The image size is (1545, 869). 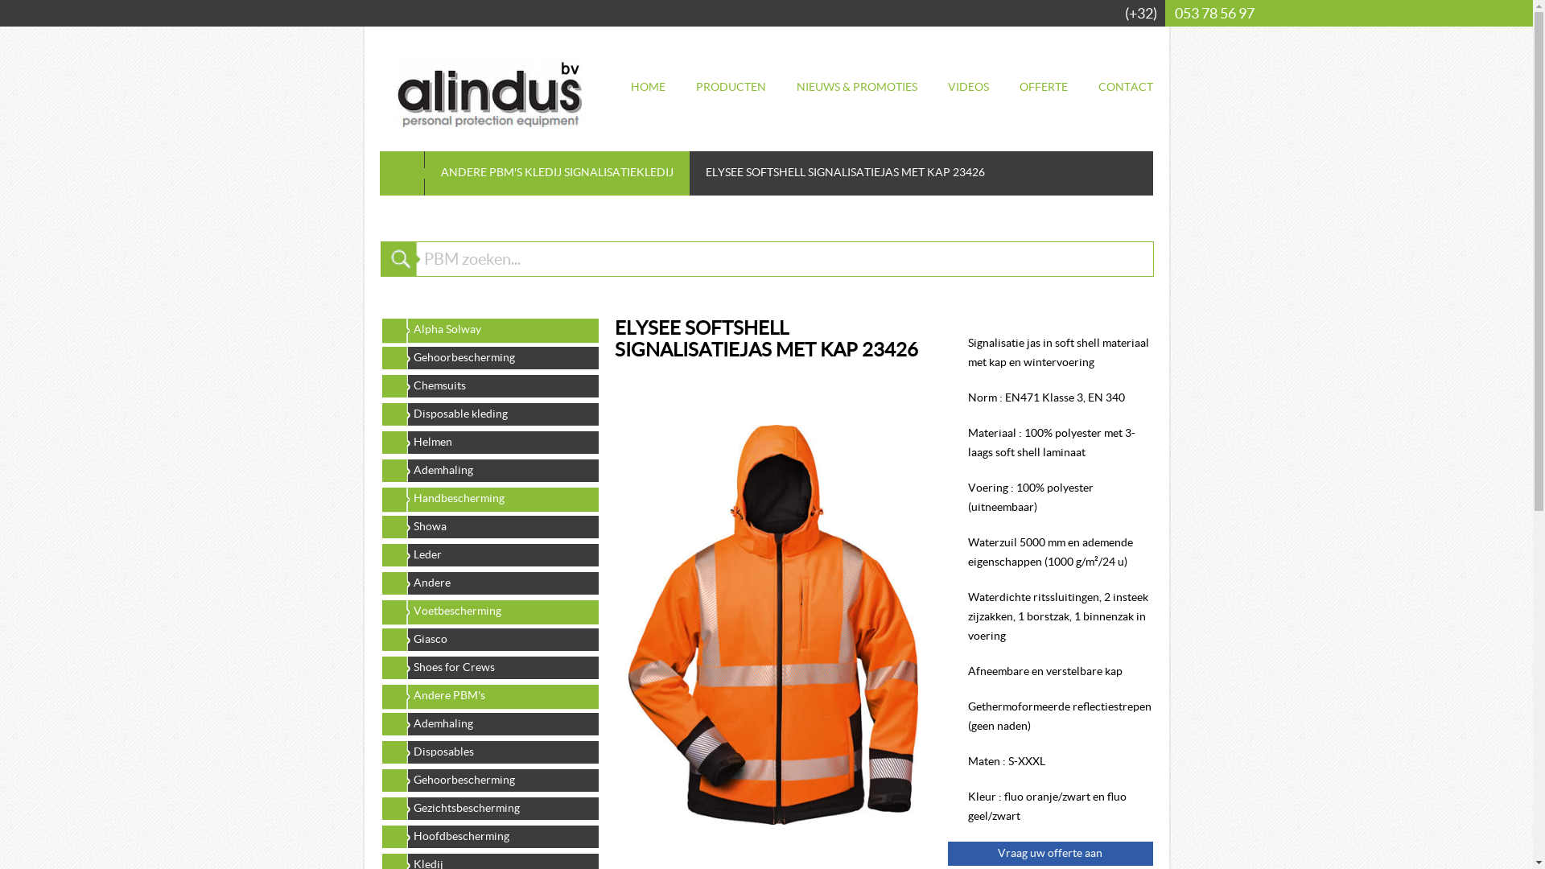 I want to click on 'Ademhaling', so click(x=488, y=722).